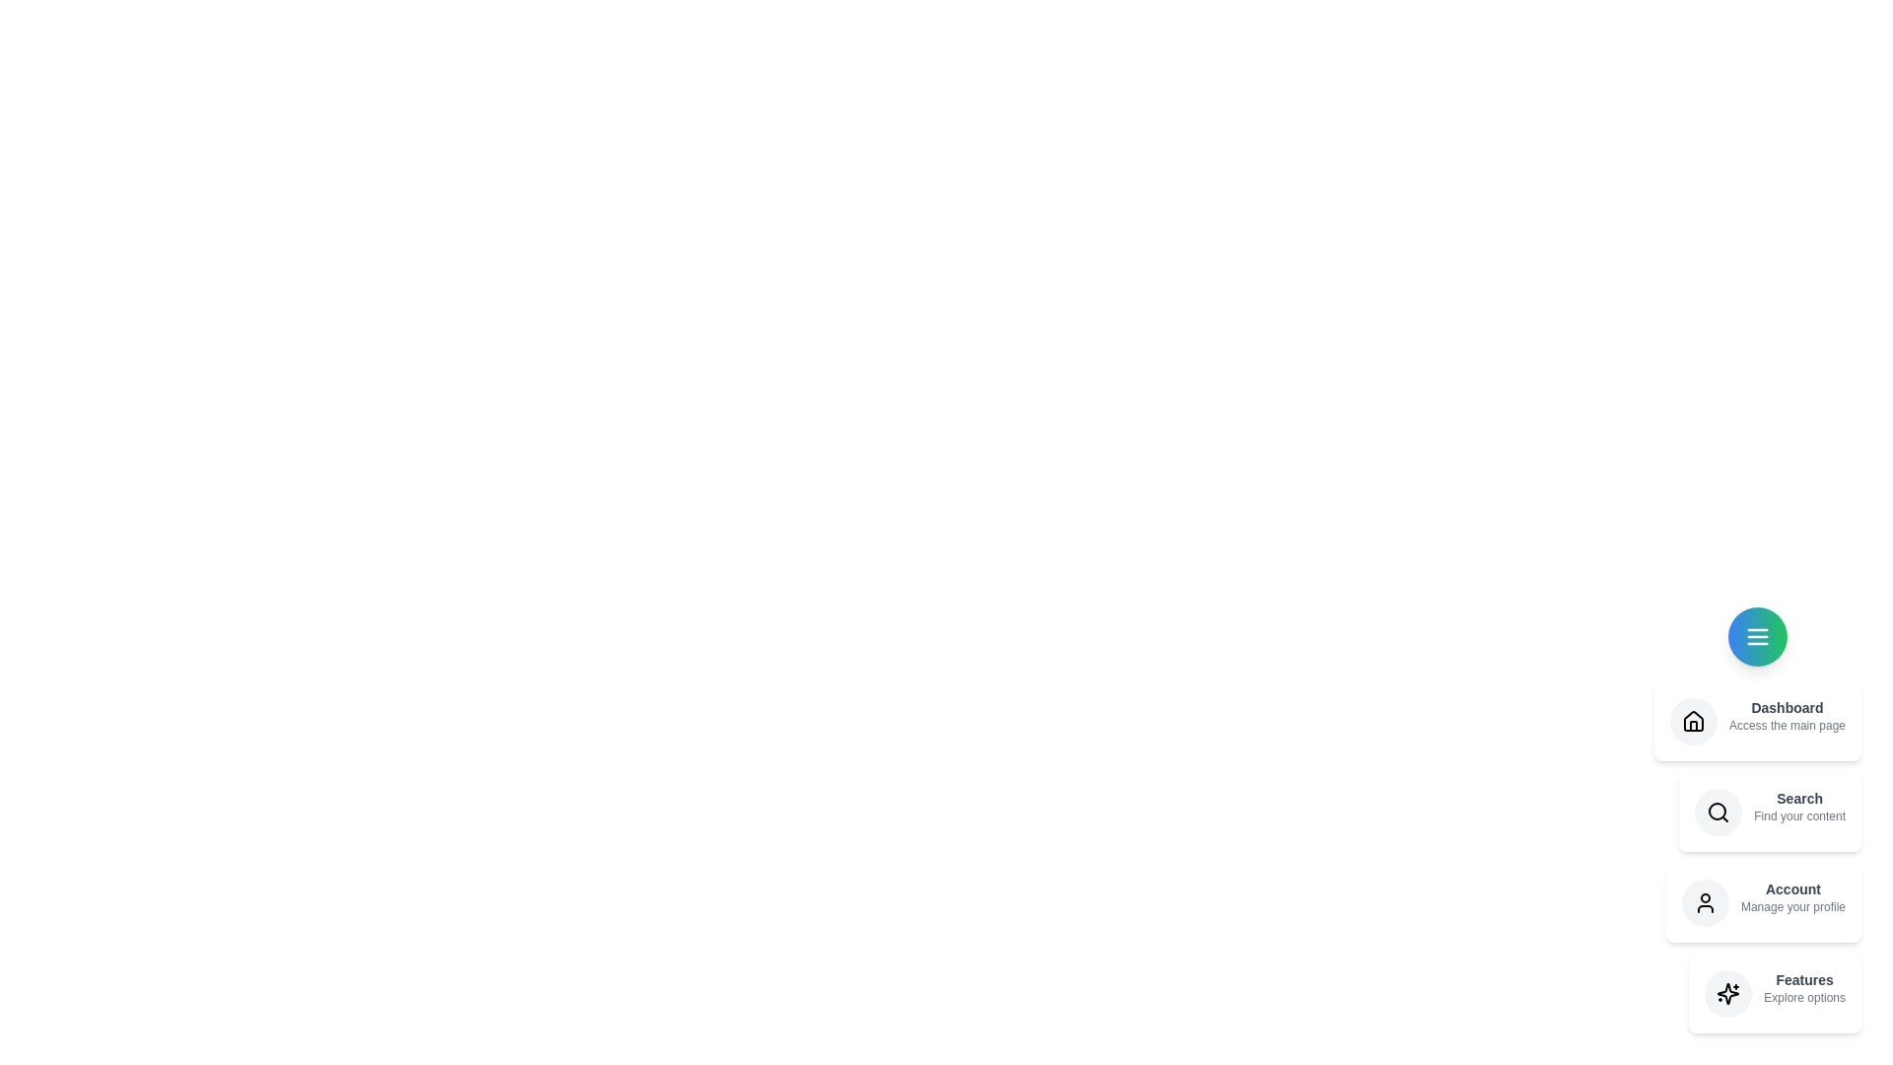  What do you see at coordinates (1704, 902) in the screenshot?
I see `the icon corresponding to Account in the speed dial menu` at bounding box center [1704, 902].